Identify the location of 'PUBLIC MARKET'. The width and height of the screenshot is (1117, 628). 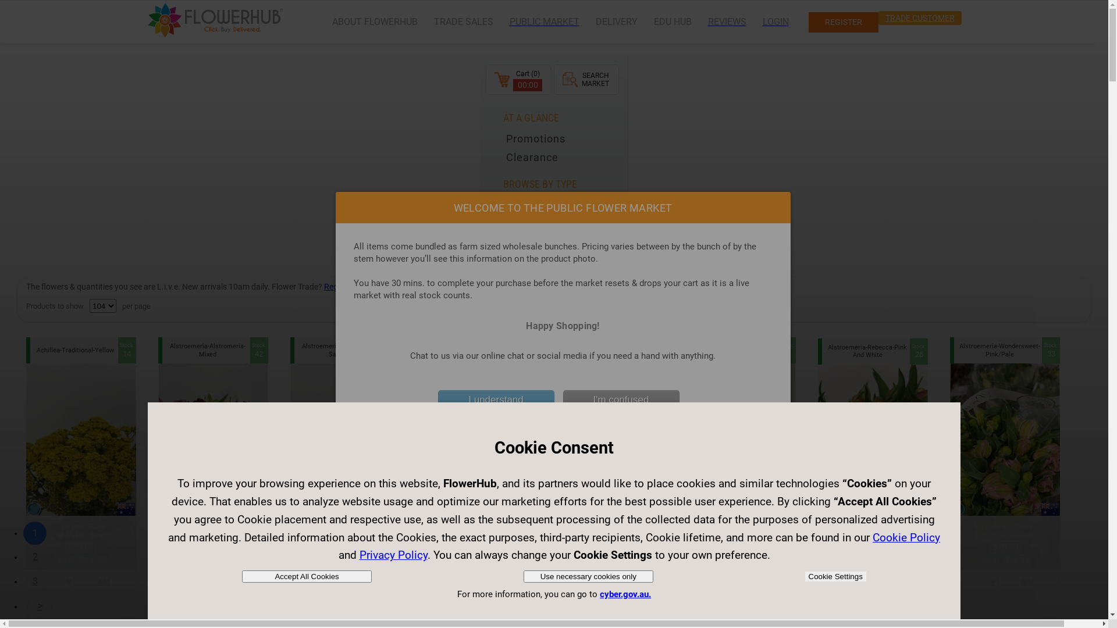
(509, 22).